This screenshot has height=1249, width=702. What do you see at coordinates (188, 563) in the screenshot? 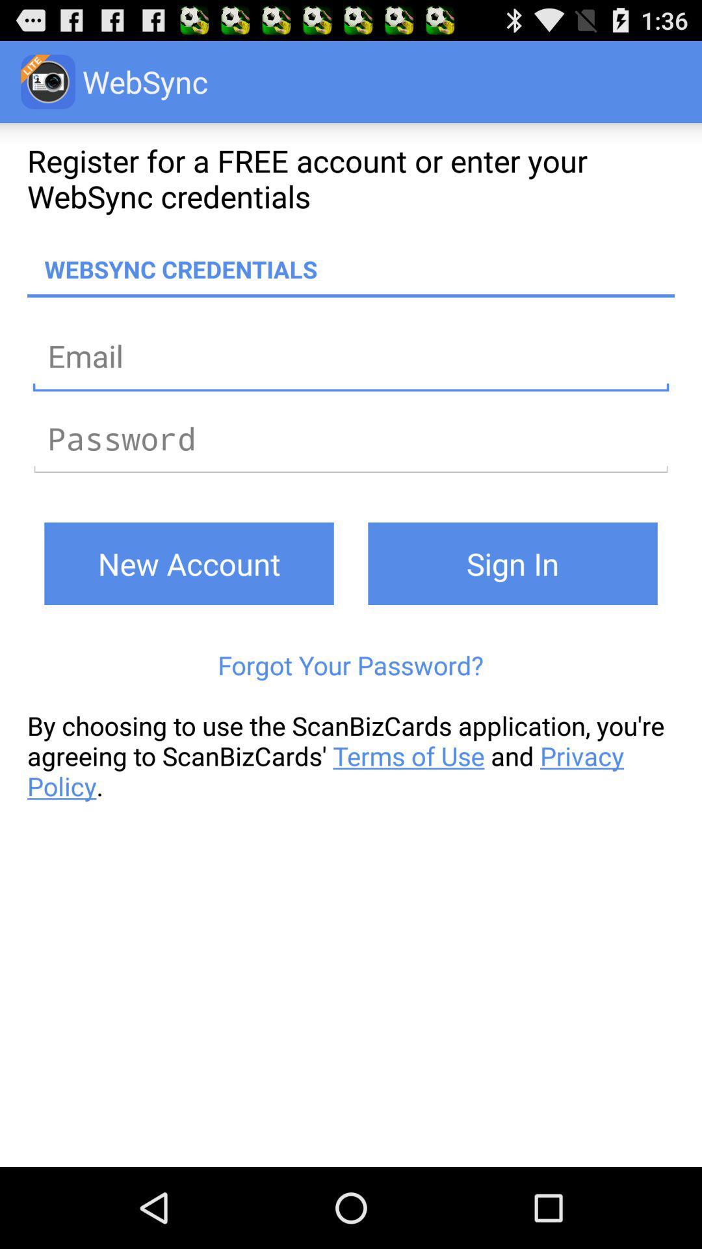
I see `the item to the left of the sign in icon` at bounding box center [188, 563].